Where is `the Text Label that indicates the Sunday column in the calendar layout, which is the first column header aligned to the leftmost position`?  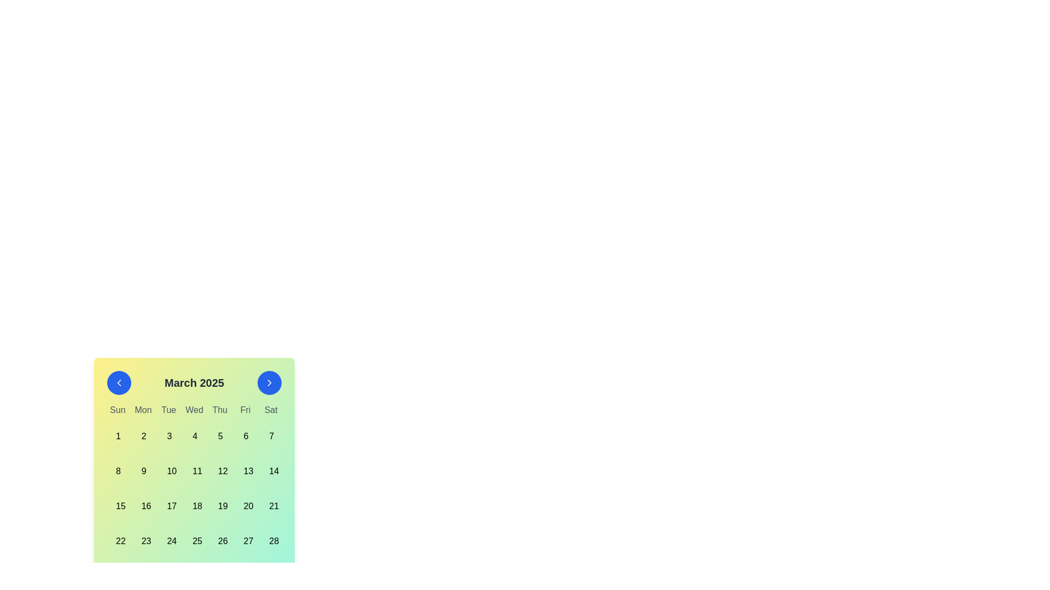 the Text Label that indicates the Sunday column in the calendar layout, which is the first column header aligned to the leftmost position is located at coordinates (118, 410).